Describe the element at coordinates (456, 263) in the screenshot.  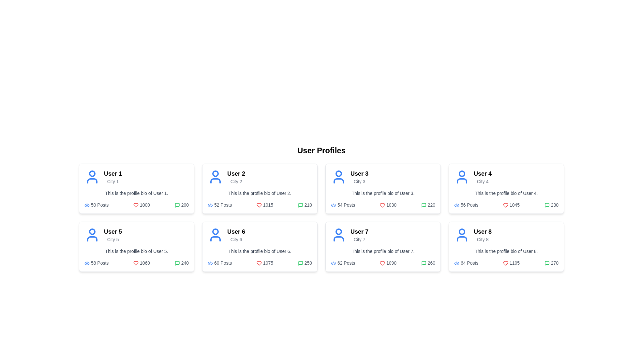
I see `the small blue eye icon indicating visibility, located to the left of the '64 Posts' text in the bottom-right card of the user profile grid` at that location.